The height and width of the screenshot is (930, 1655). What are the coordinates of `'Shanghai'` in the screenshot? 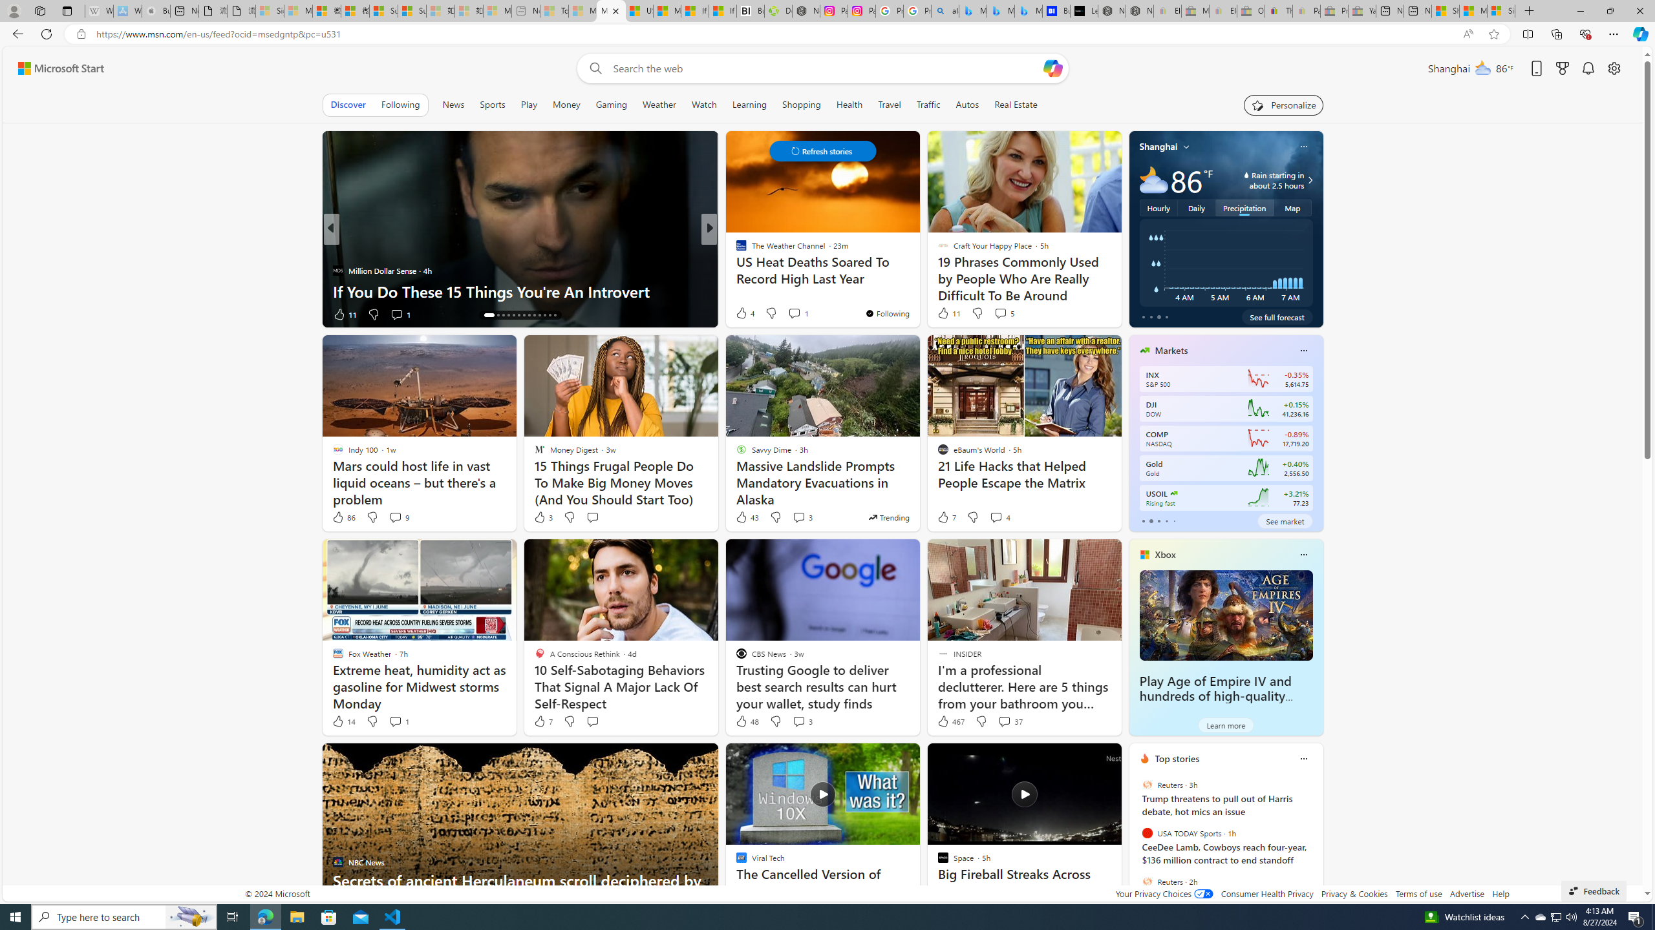 It's located at (1158, 145).